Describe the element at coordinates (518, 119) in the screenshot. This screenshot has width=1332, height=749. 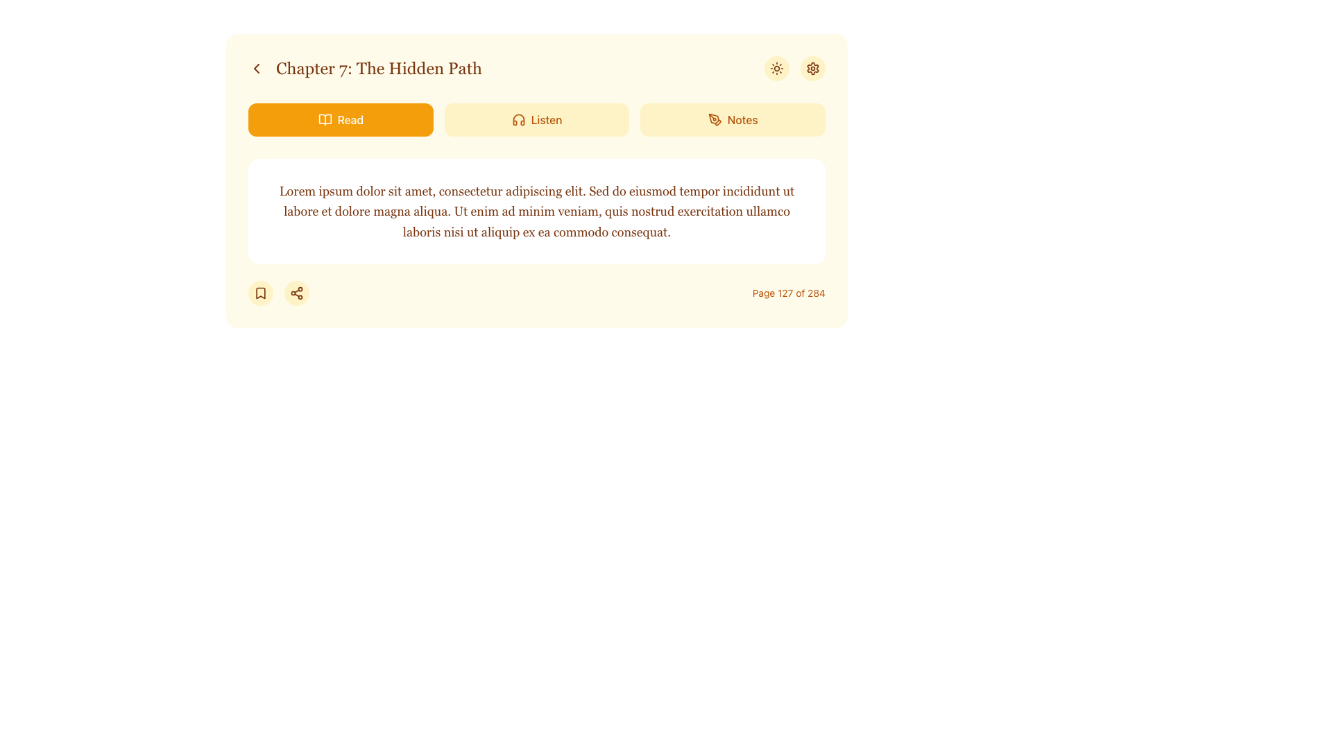
I see `the 'Listen' icon located in the top control bar of the interface, which serves as a graphical representation for an auditory-related action` at that location.